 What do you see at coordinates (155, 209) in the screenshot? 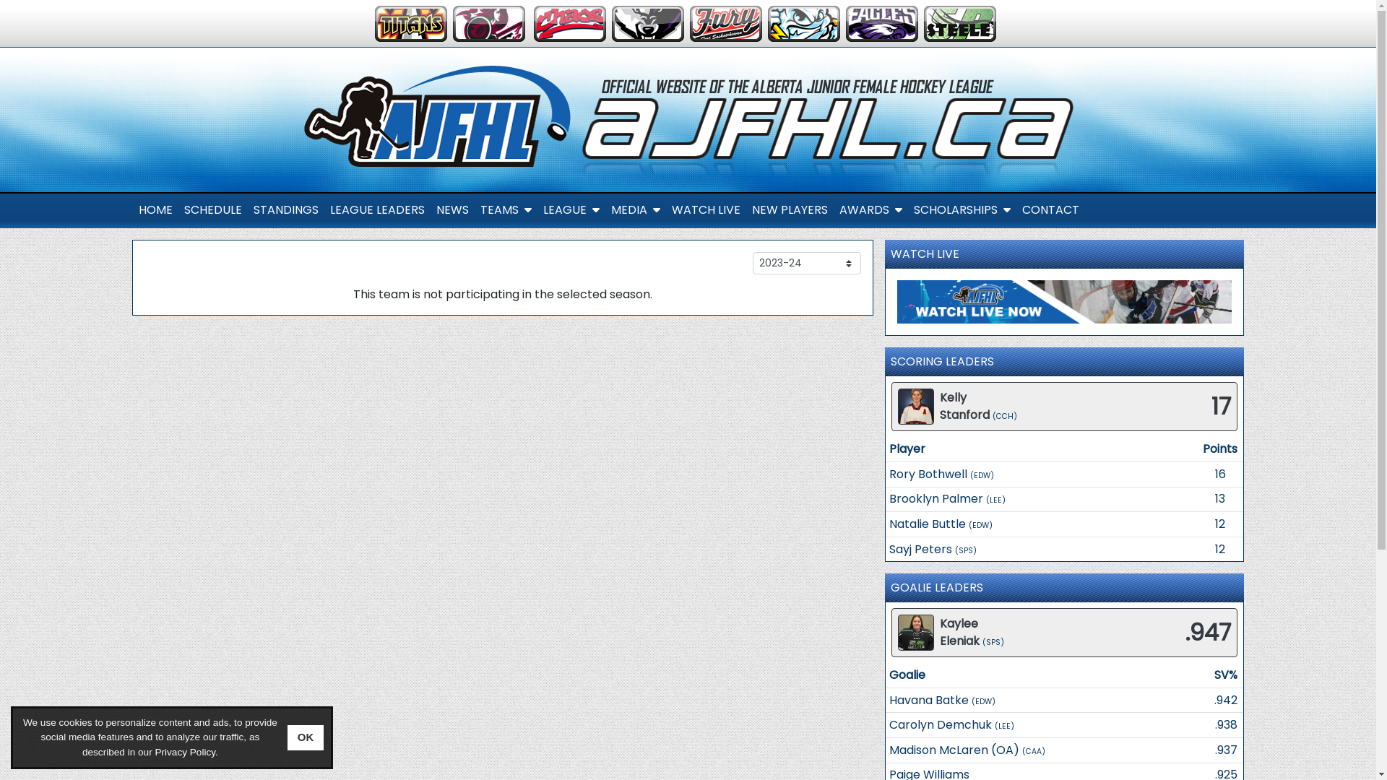
I see `'HOME'` at bounding box center [155, 209].